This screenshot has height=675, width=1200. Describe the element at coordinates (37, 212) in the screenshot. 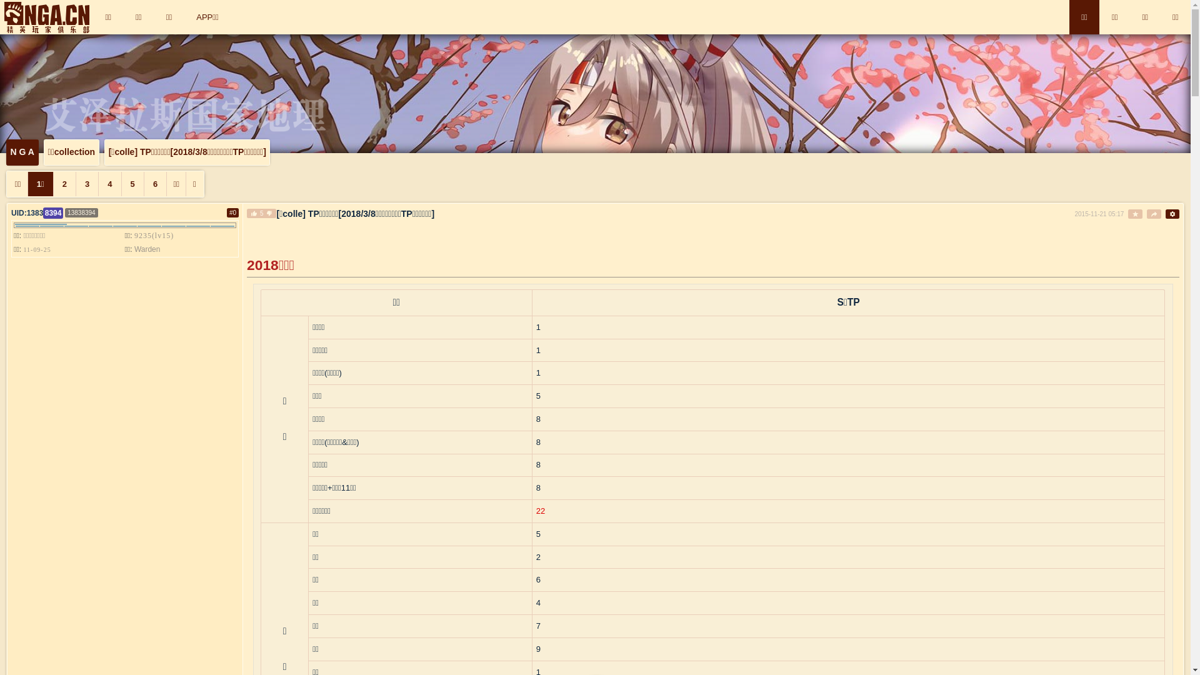

I see `'UID:13838394'` at that location.